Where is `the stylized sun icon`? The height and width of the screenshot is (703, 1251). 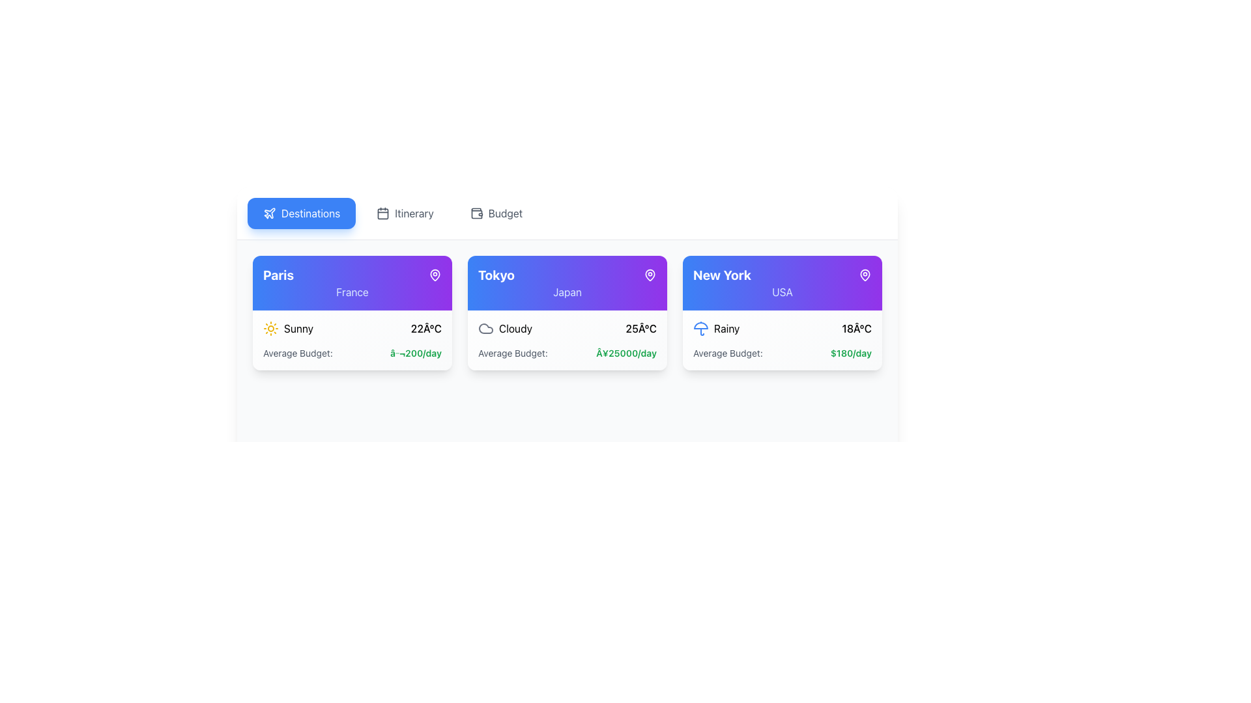 the stylized sun icon is located at coordinates (270, 328).